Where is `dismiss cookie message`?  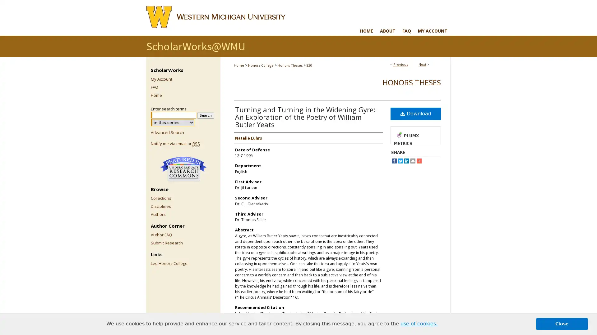 dismiss cookie message is located at coordinates (562, 324).